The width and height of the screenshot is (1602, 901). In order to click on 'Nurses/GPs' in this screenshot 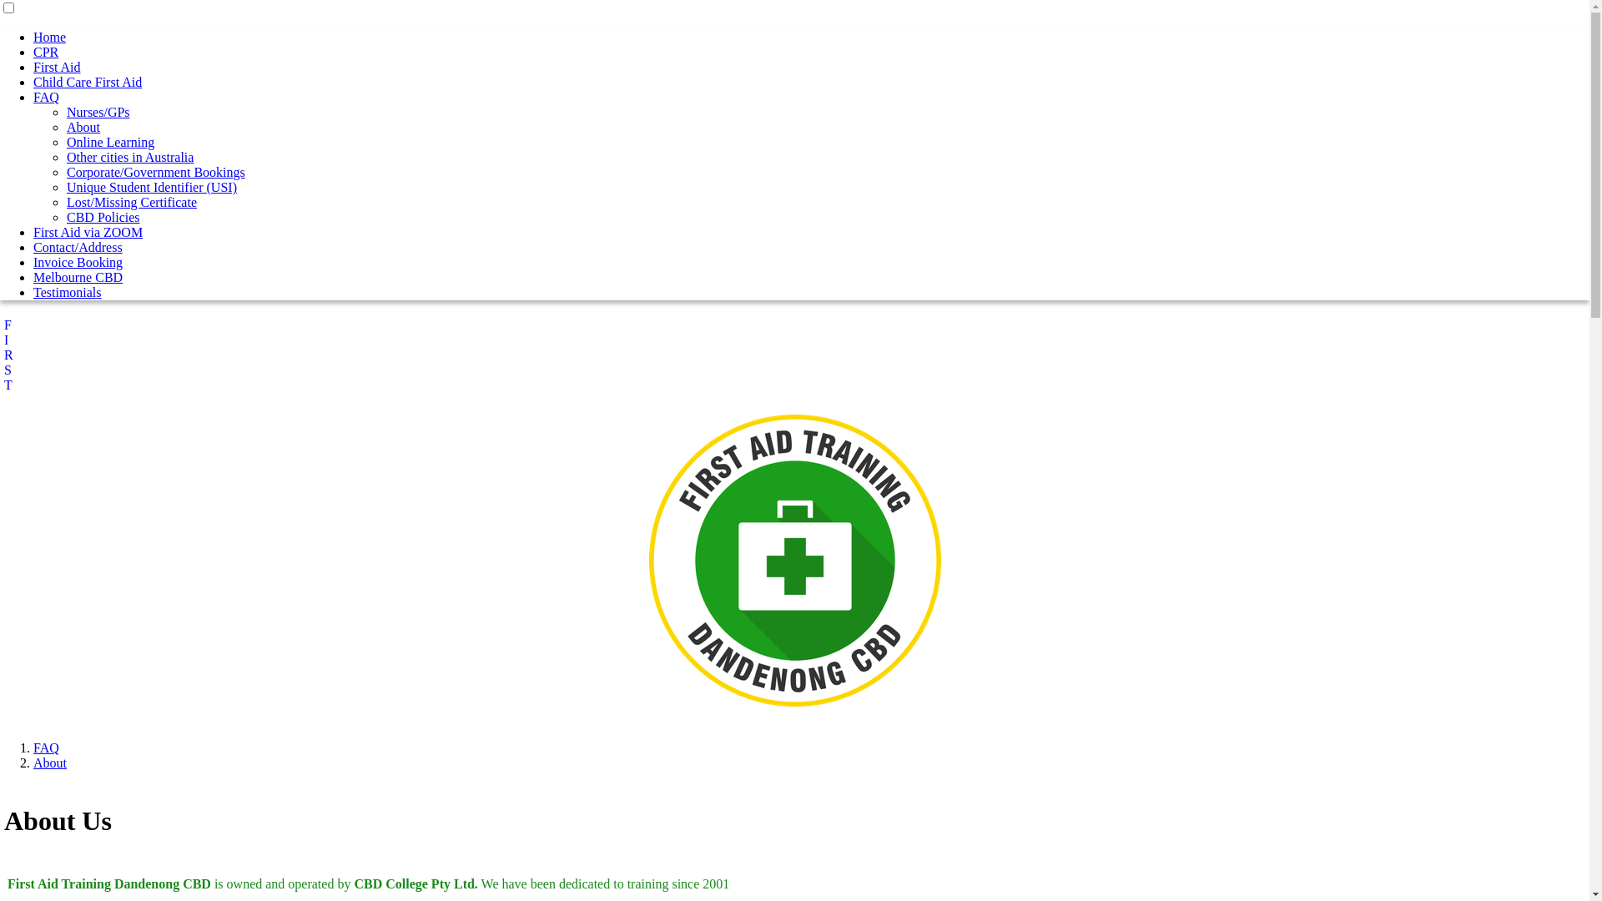, I will do `click(98, 112)`.